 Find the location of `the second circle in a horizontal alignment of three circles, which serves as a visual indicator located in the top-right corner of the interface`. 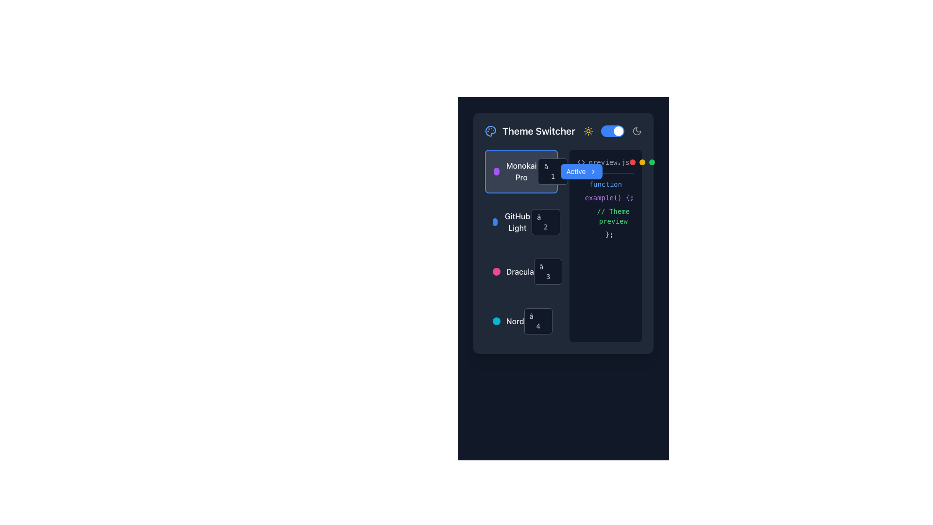

the second circle in a horizontal alignment of three circles, which serves as a visual indicator located in the top-right corner of the interface is located at coordinates (642, 162).